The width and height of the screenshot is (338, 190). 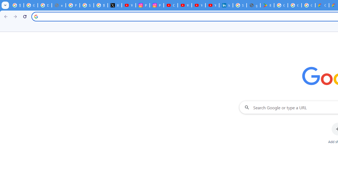 I want to click on 'support.google.com - Network error', so click(x=59, y=5).